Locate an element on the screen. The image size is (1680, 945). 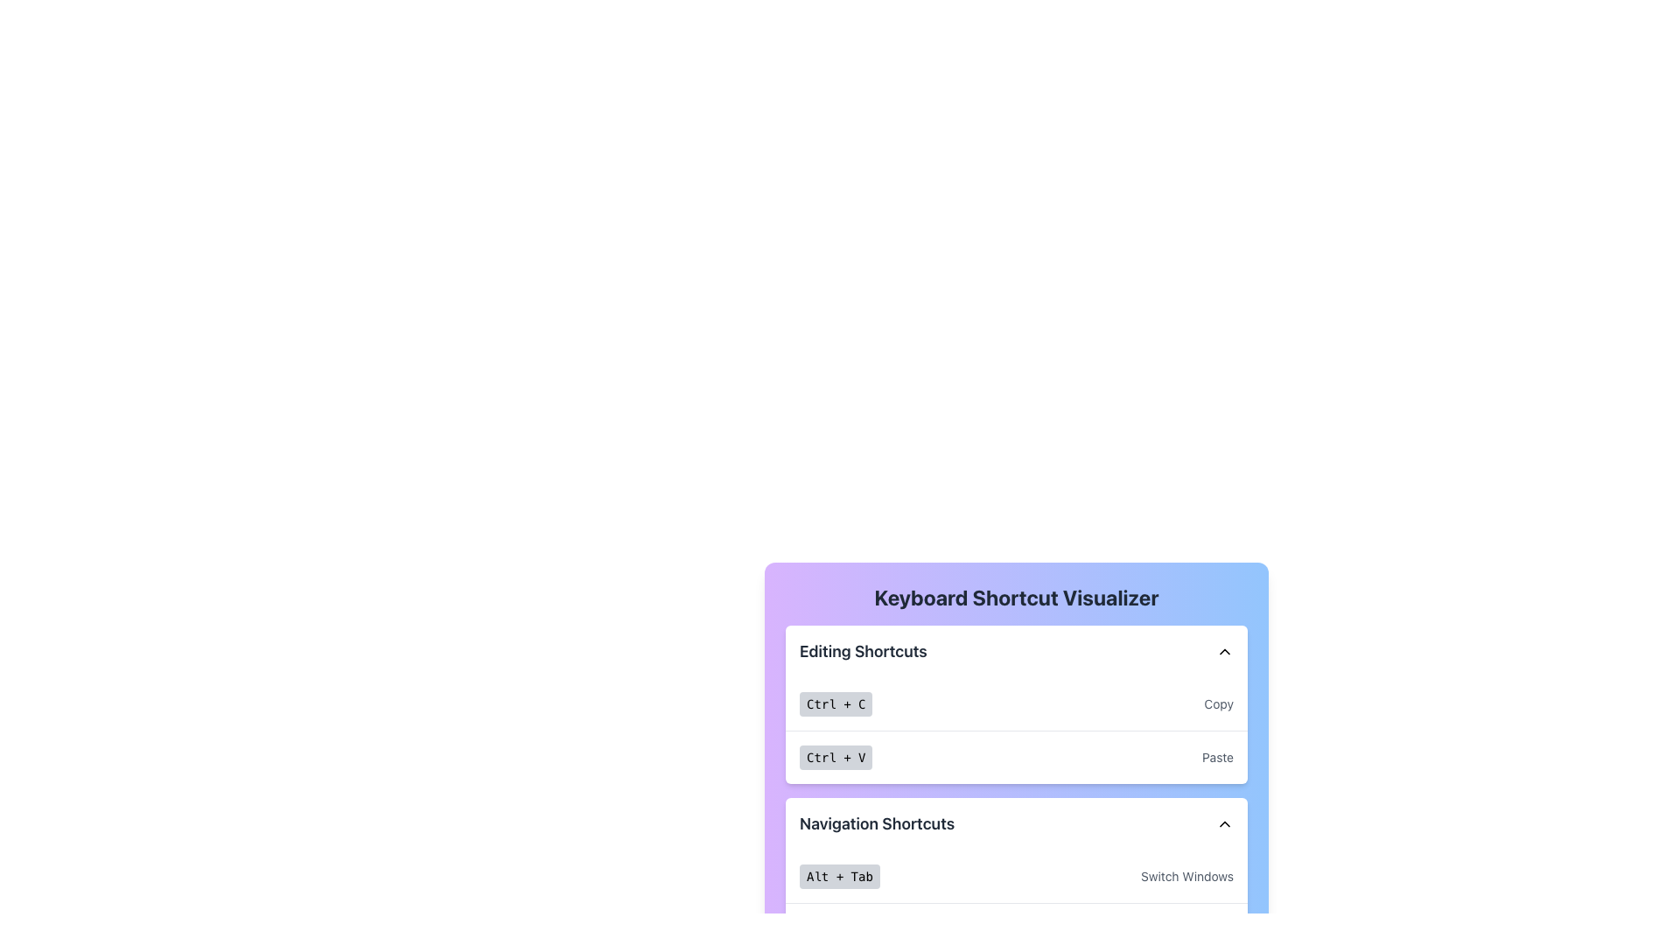
the List Grouping containing keyboard shortcuts and action descriptions in the 'Editing Shortcuts' section of the 'Keyboard Shortcut Visualizer' interface is located at coordinates (1016, 730).